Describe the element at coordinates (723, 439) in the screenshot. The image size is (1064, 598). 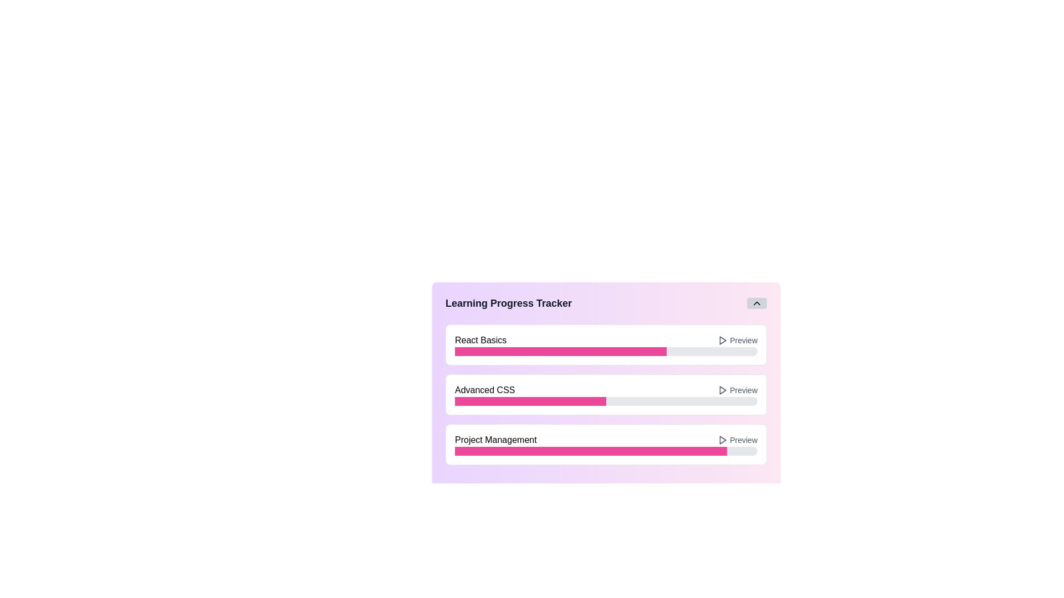
I see `the play button located in the 'Project Management' section of the Learning Progress Tracker card` at that location.